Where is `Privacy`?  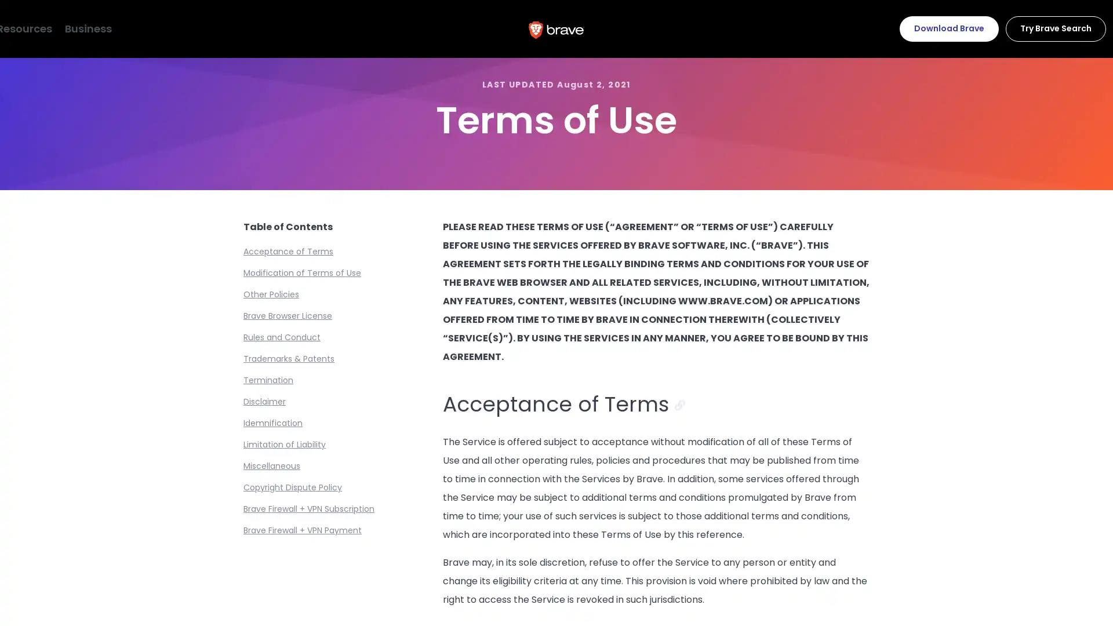
Privacy is located at coordinates (150, 28).